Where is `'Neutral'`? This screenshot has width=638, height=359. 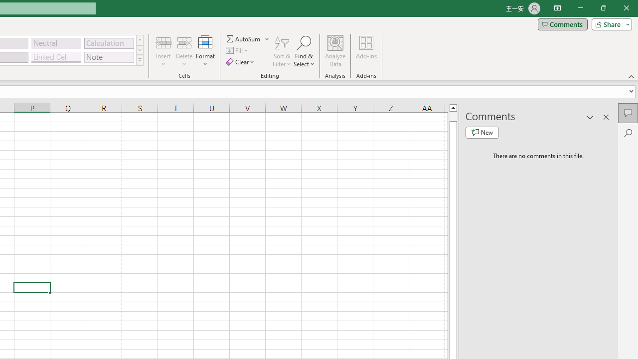
'Neutral' is located at coordinates (56, 42).